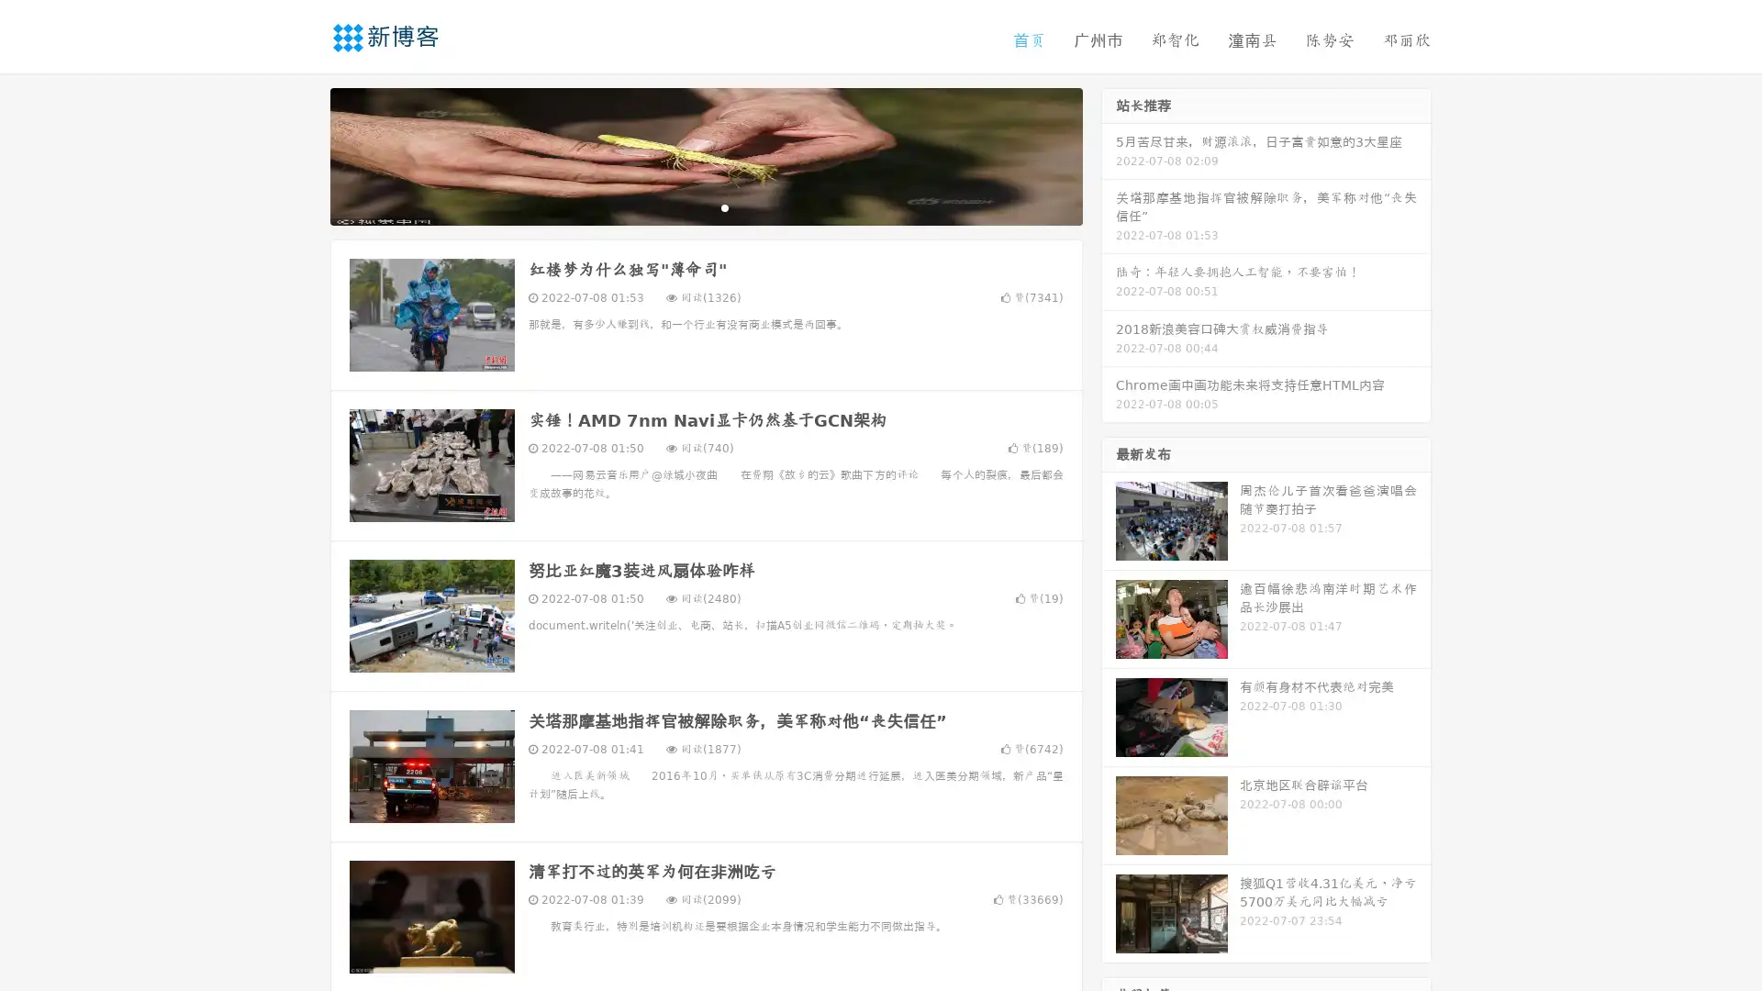 The image size is (1762, 991). What do you see at coordinates (705, 206) in the screenshot?
I see `Go to slide 2` at bounding box center [705, 206].